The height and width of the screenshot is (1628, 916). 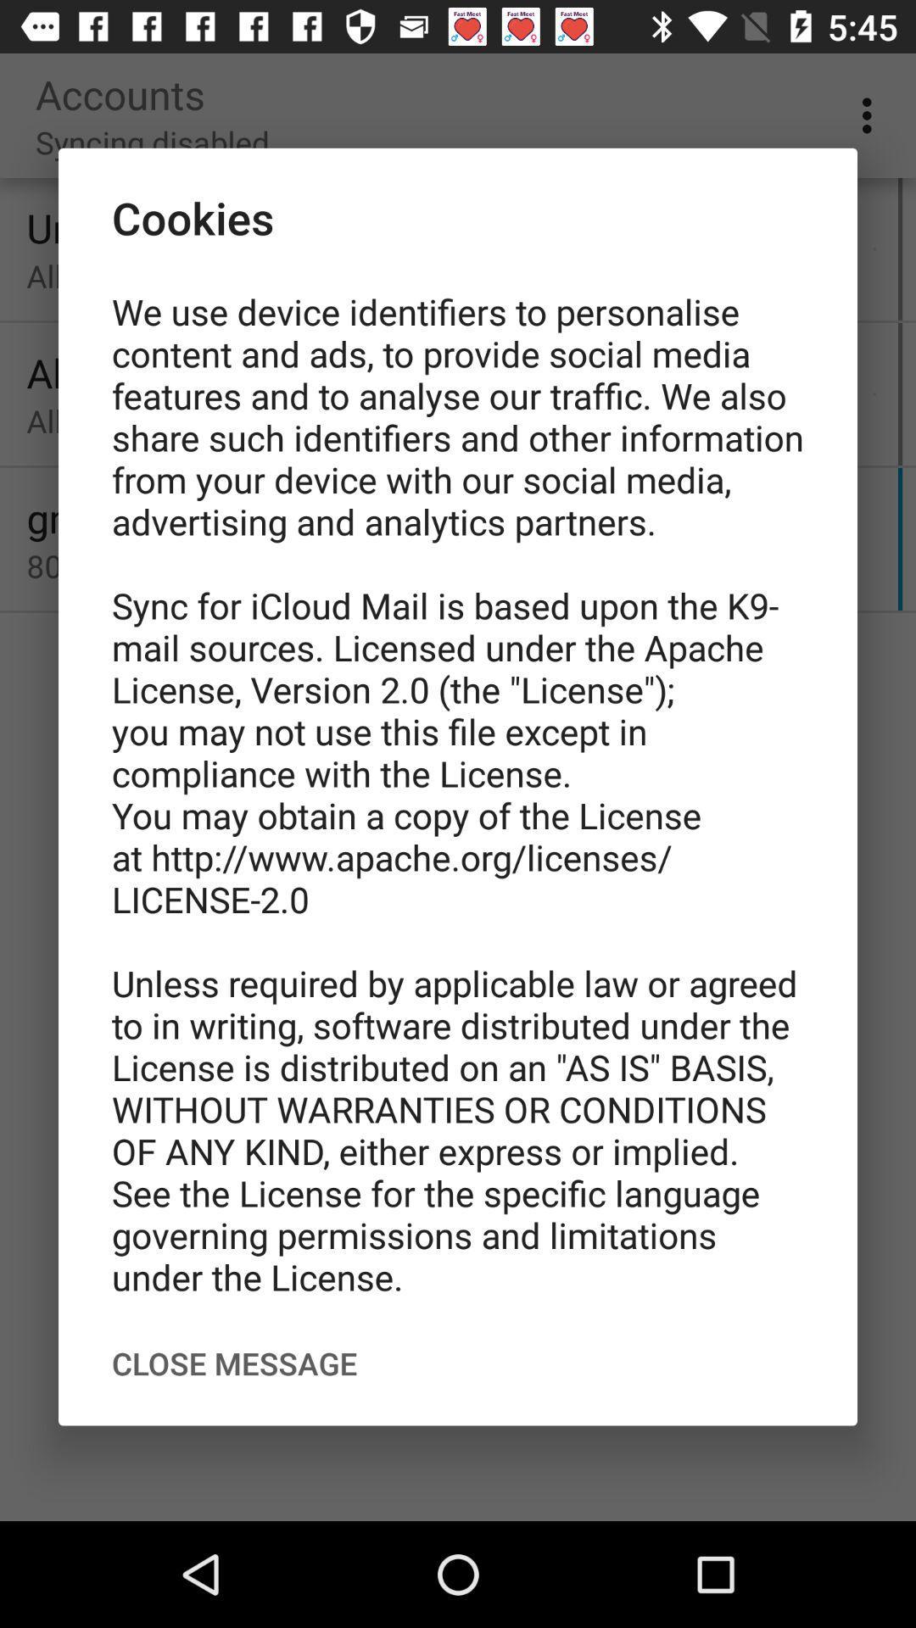 I want to click on the item below the we use device icon, so click(x=234, y=1363).